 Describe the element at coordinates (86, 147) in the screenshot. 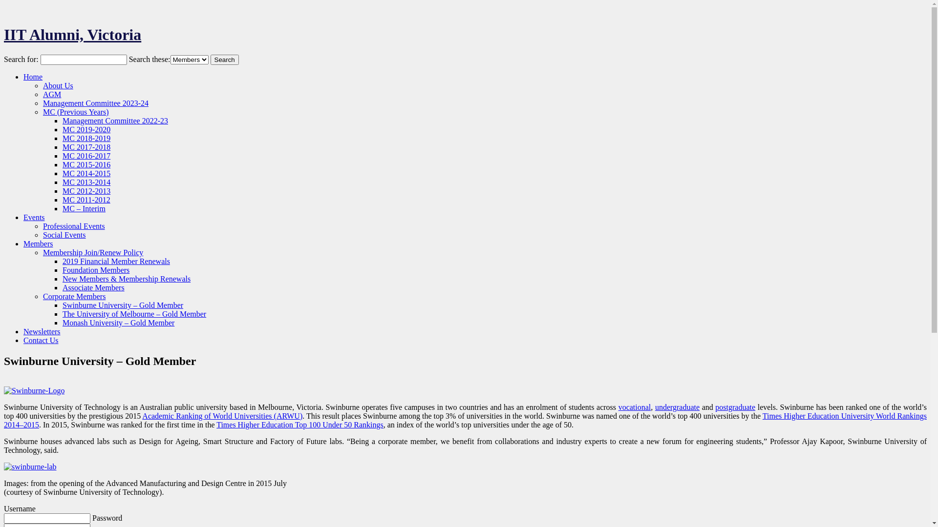

I see `'MC 2017-2018'` at that location.